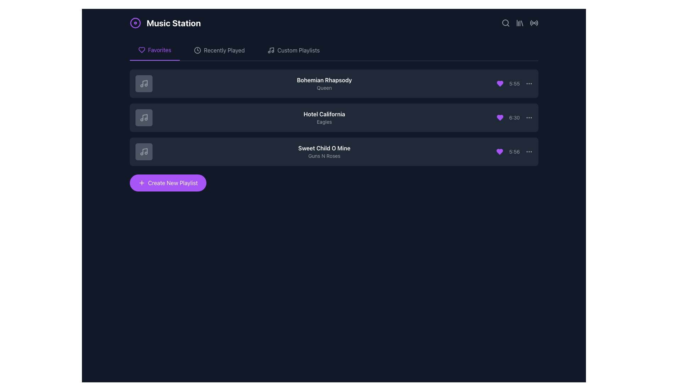 The width and height of the screenshot is (681, 383). I want to click on the first music track item in the list, so click(333, 83).